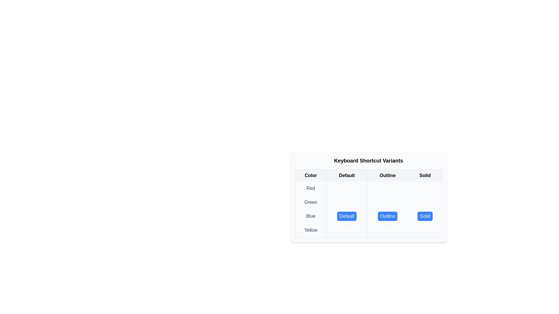  I want to click on the 'Default' button in the third row under the 'Default' column of the 'Keyboard Shortcut Variants' table to apply the default option for the 'Blue' category, so click(346, 216).